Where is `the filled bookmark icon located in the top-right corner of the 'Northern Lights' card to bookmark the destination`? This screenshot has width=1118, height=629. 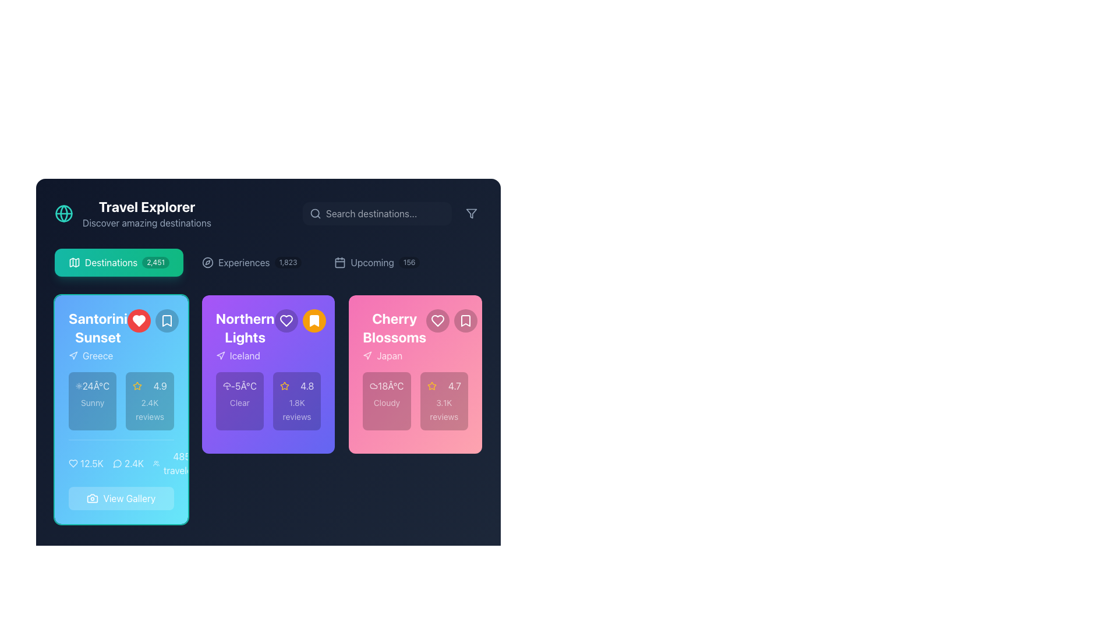 the filled bookmark icon located in the top-right corner of the 'Northern Lights' card to bookmark the destination is located at coordinates (314, 321).